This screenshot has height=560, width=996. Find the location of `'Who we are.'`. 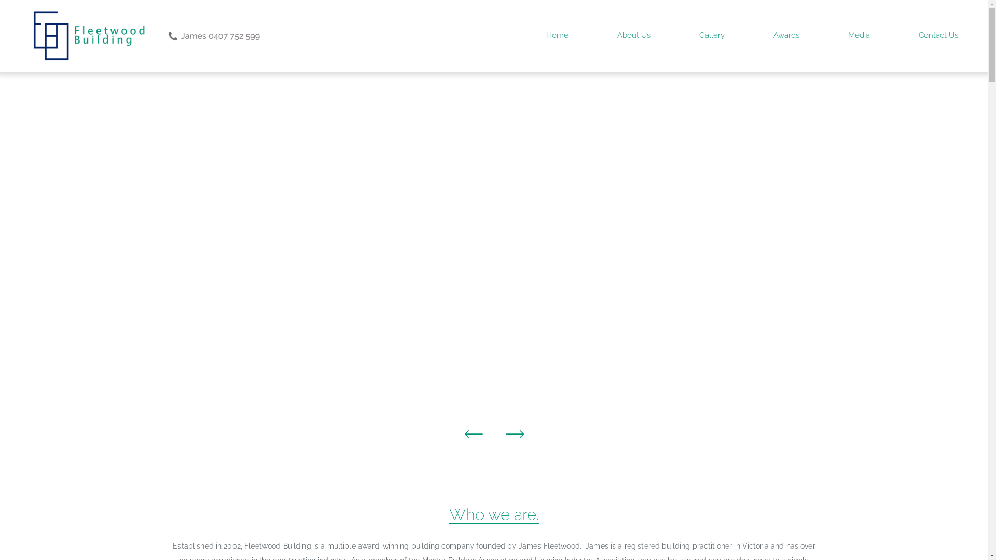

'Who we are.' is located at coordinates (493, 514).